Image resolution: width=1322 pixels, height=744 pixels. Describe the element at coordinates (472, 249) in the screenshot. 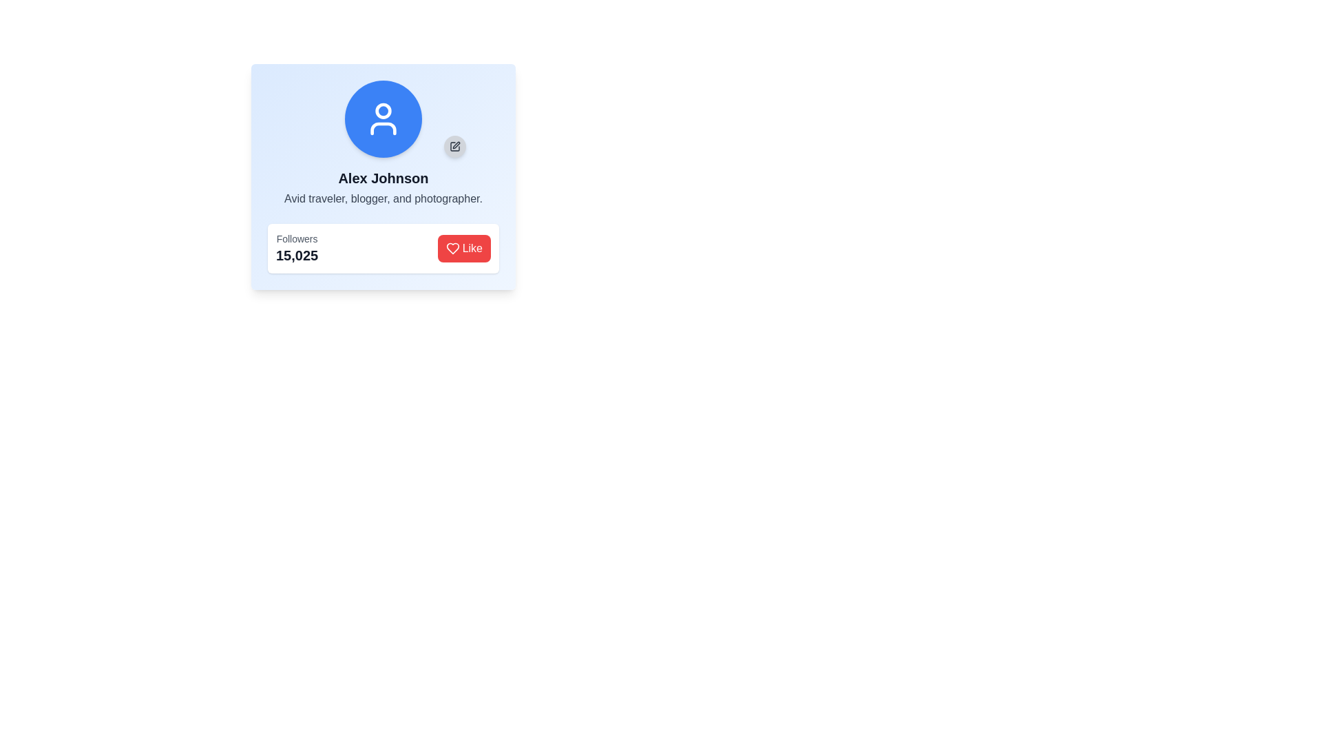

I see `the 'Like' button with a heart icon located at the bottom-right corner of the profile card` at that location.